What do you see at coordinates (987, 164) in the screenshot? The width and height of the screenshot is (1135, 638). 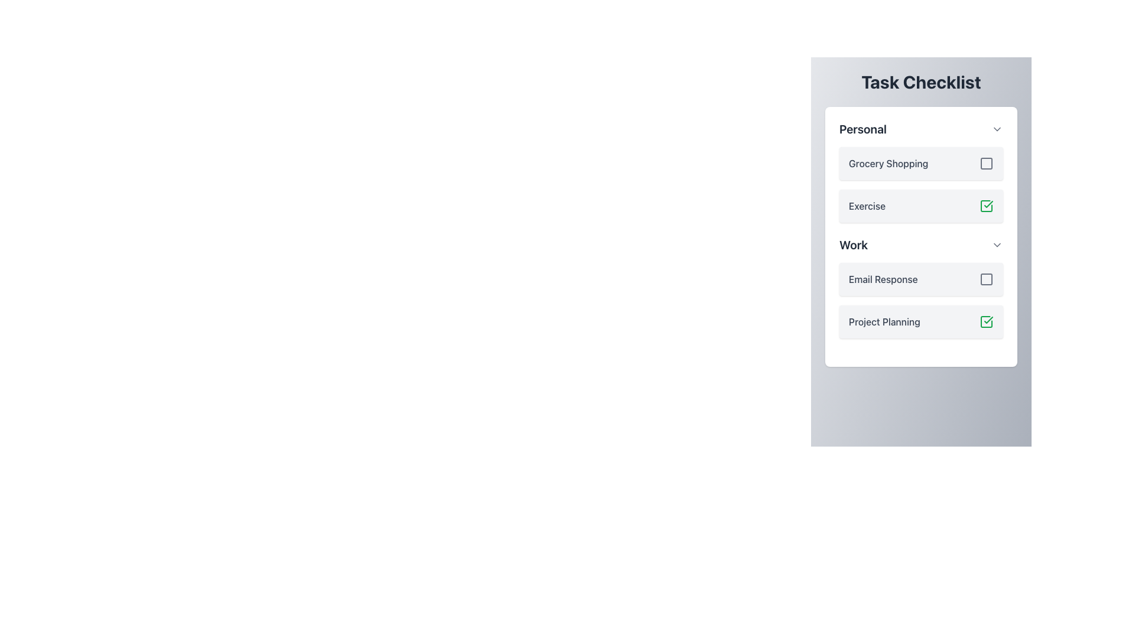 I see `the checklist icon next to the 'Grocery Shopping' item in the 'Personal' group` at bounding box center [987, 164].